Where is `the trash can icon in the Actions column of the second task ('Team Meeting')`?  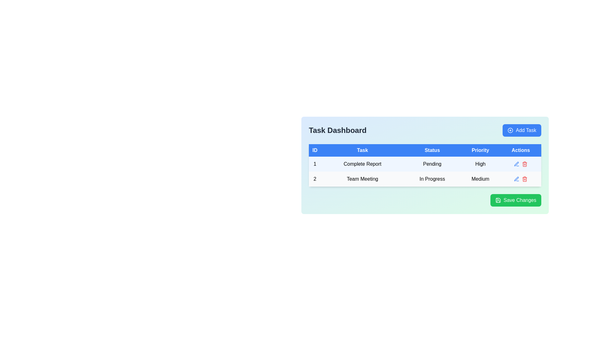 the trash can icon in the Actions column of the second task ('Team Meeting') is located at coordinates (524, 179).